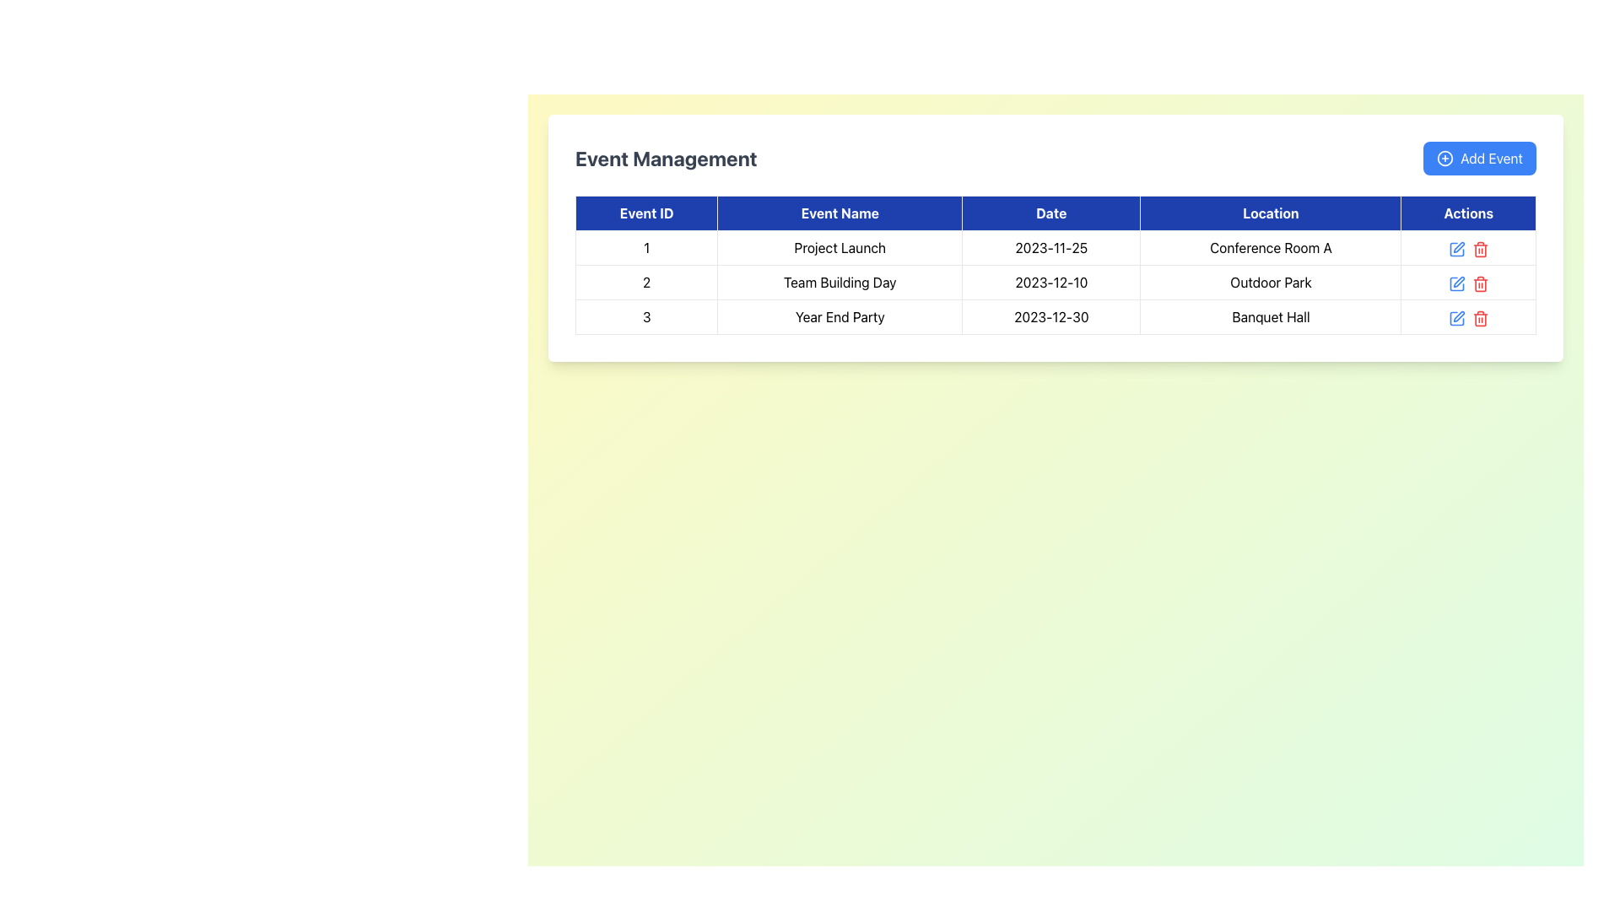  I want to click on text from the fourth table header cell that labels the column for location information for events, which is positioned between the 'Date' and 'Actions' header cells, so click(1271, 213).